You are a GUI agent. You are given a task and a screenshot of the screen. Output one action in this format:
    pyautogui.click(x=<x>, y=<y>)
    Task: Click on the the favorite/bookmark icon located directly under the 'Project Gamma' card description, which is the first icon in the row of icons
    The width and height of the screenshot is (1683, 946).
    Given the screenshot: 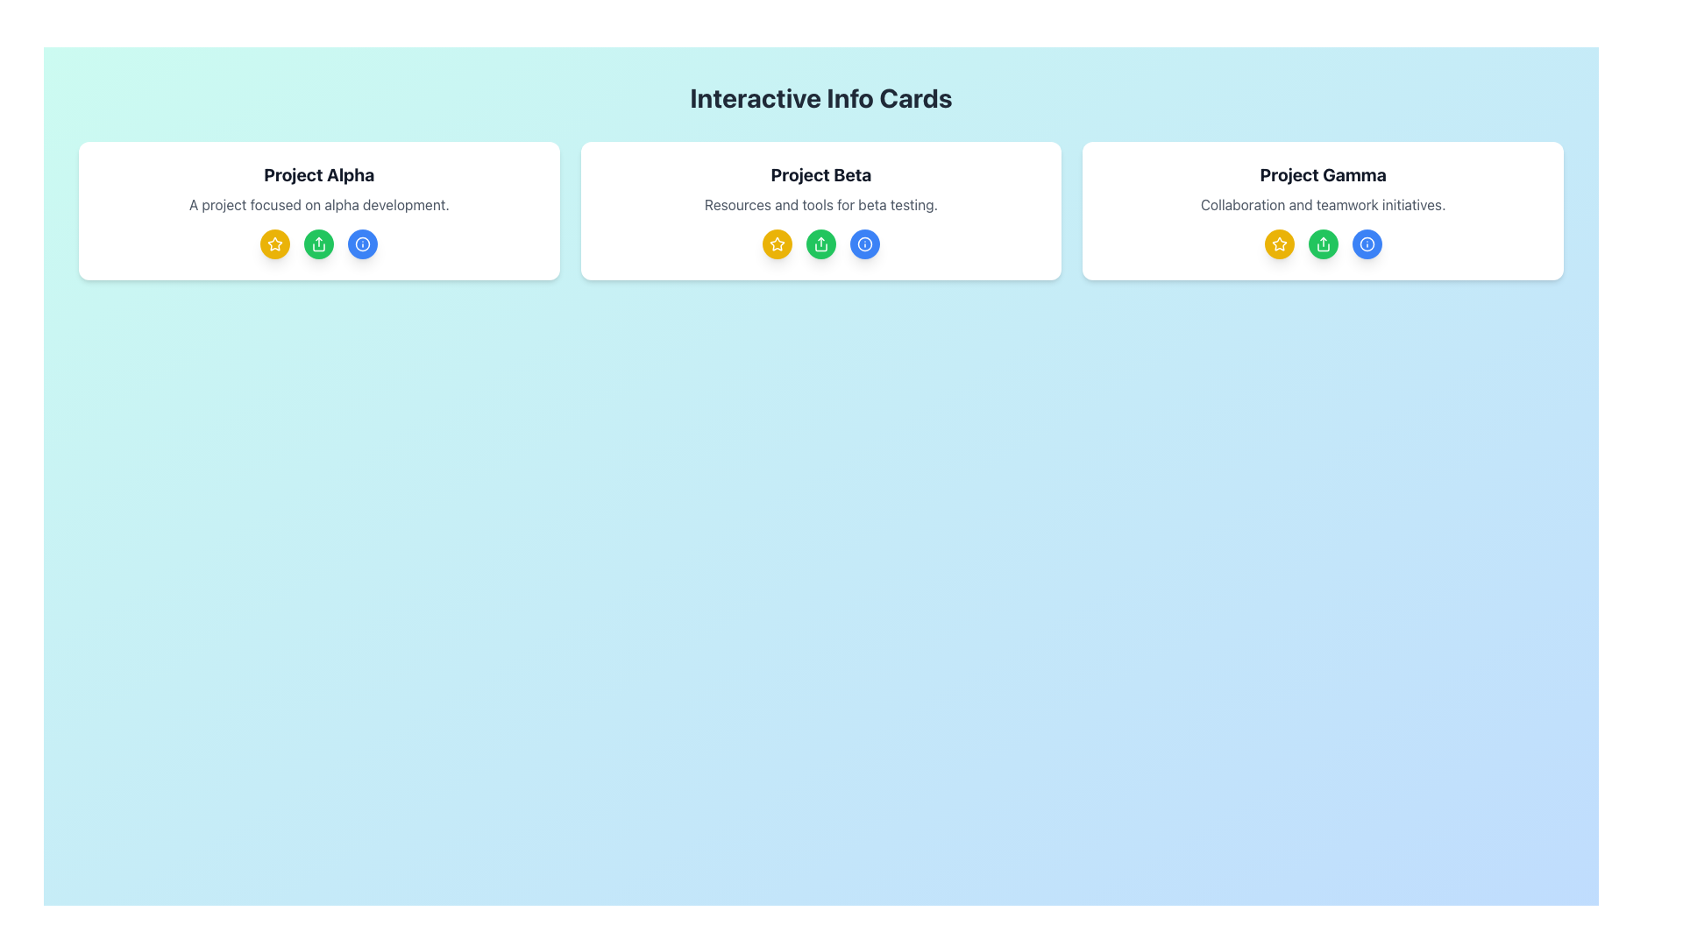 What is the action you would take?
    pyautogui.click(x=1279, y=243)
    